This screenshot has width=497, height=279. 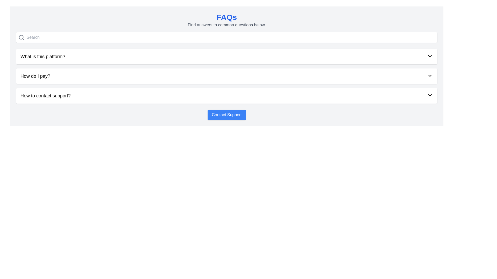 What do you see at coordinates (226, 114) in the screenshot?
I see `the rectangular button with a bright blue background and white text reading 'Contact Support' located at the center of the bottom area of the page` at bounding box center [226, 114].